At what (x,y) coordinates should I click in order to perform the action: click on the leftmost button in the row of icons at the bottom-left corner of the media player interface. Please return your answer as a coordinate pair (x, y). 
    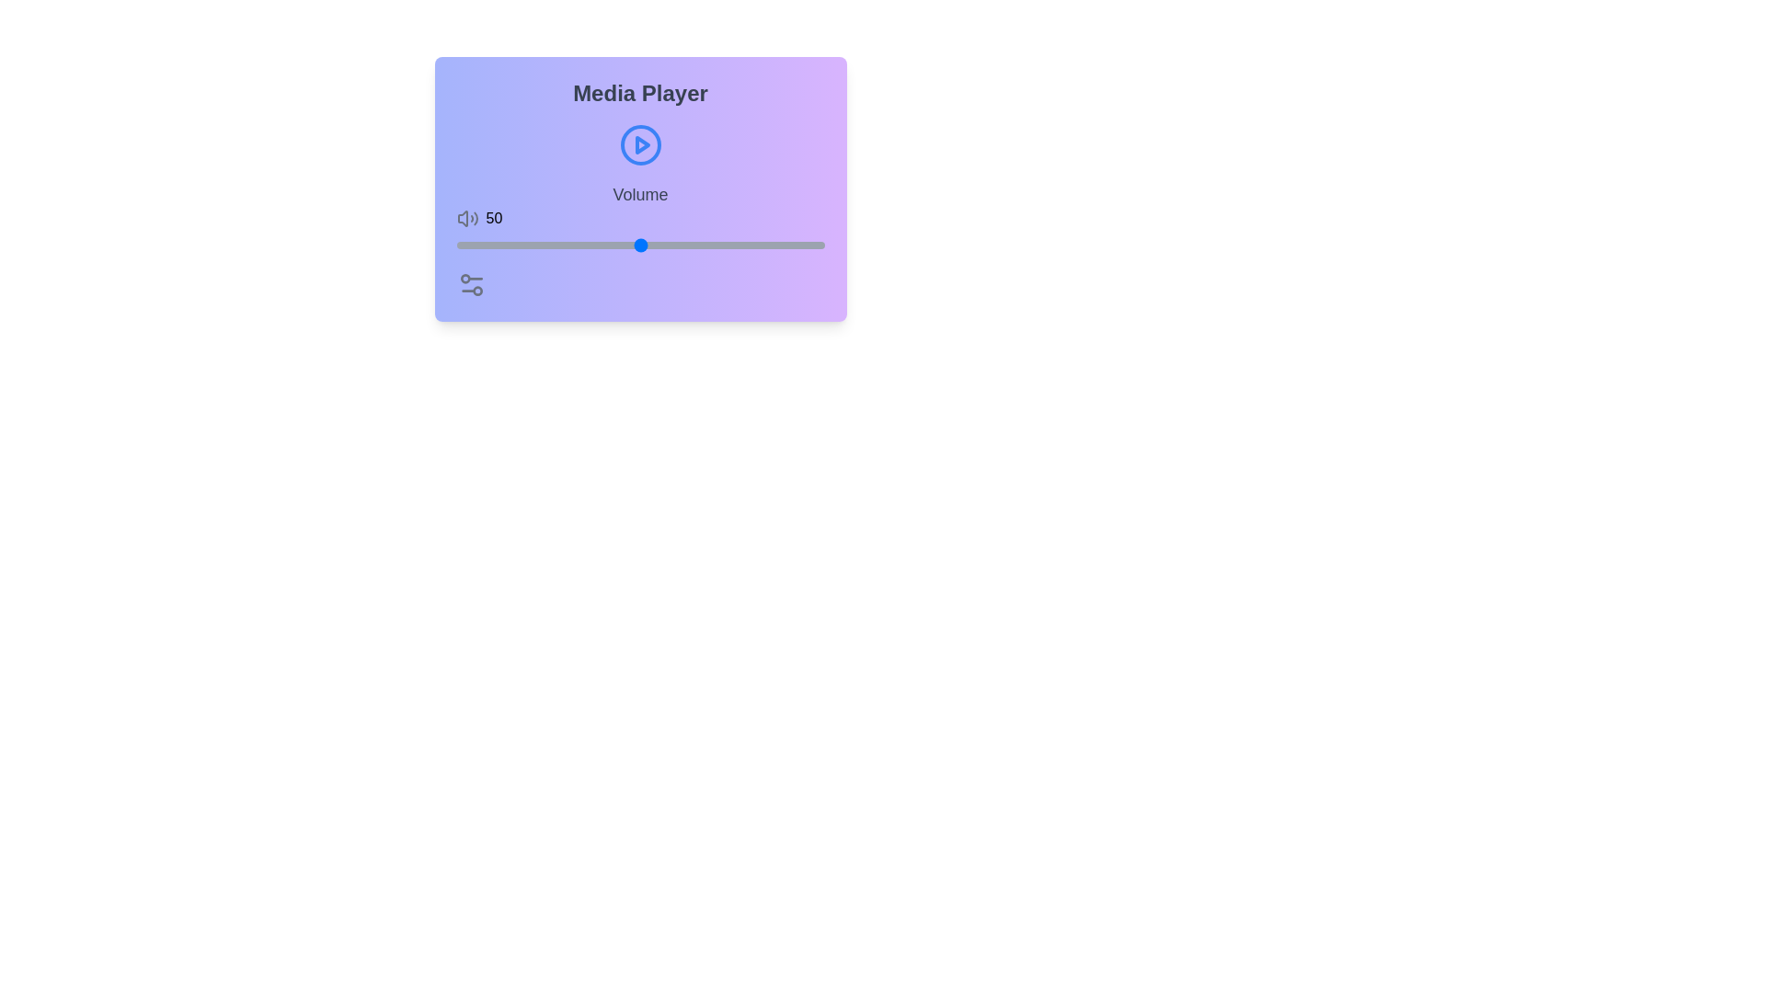
    Looking at the image, I should click on (471, 284).